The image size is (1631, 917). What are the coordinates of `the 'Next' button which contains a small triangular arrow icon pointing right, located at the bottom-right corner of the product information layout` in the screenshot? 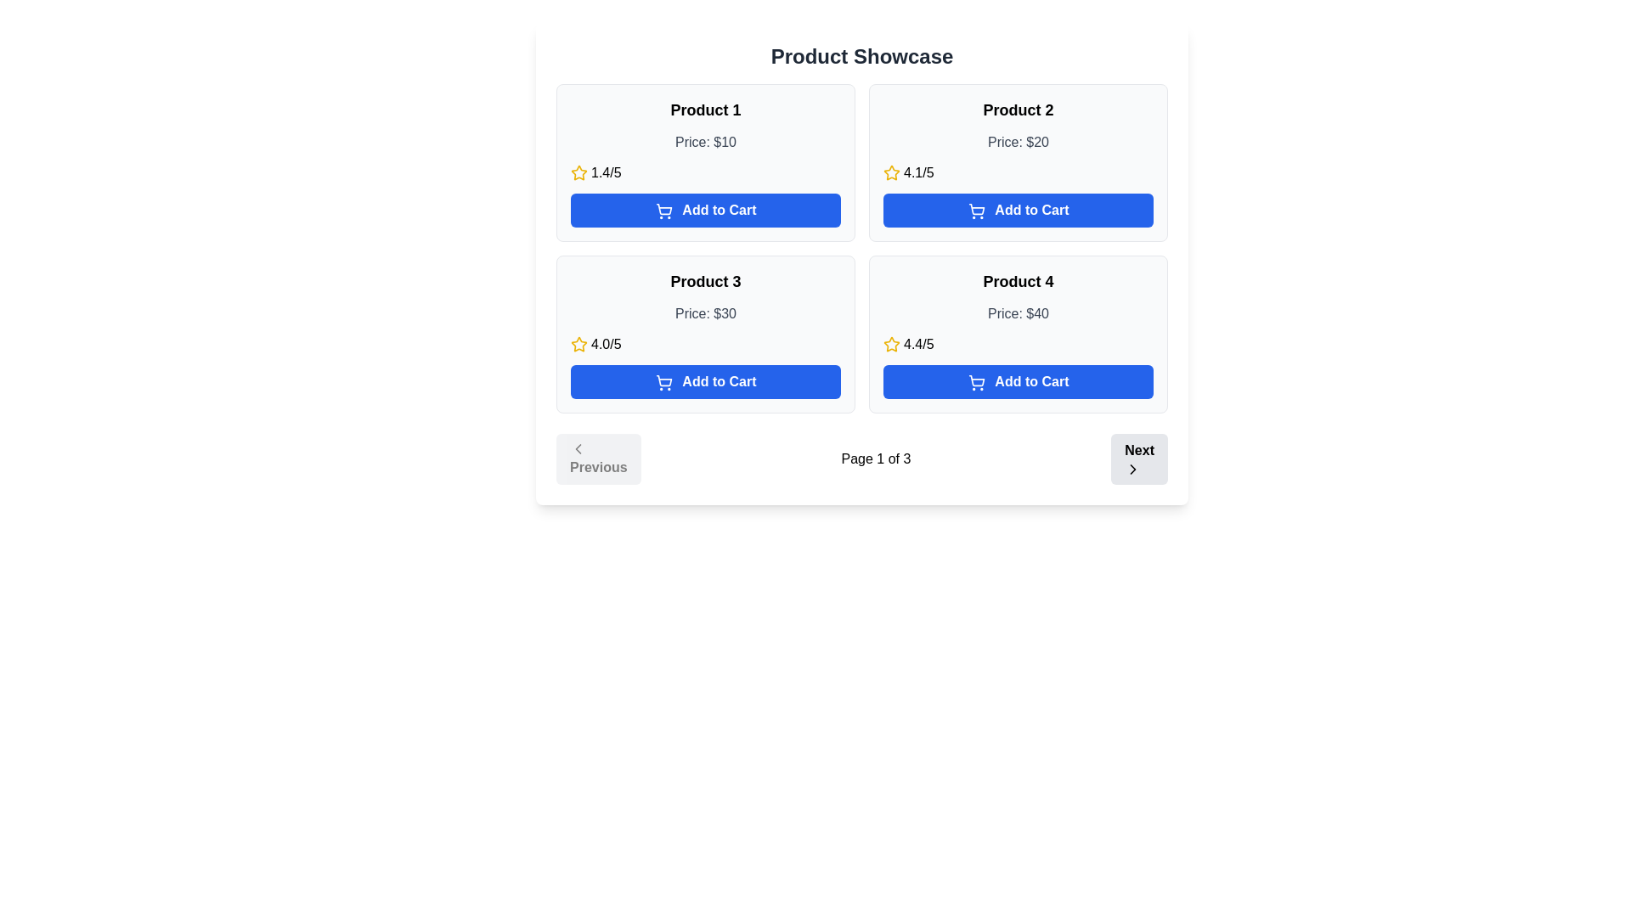 It's located at (1133, 469).